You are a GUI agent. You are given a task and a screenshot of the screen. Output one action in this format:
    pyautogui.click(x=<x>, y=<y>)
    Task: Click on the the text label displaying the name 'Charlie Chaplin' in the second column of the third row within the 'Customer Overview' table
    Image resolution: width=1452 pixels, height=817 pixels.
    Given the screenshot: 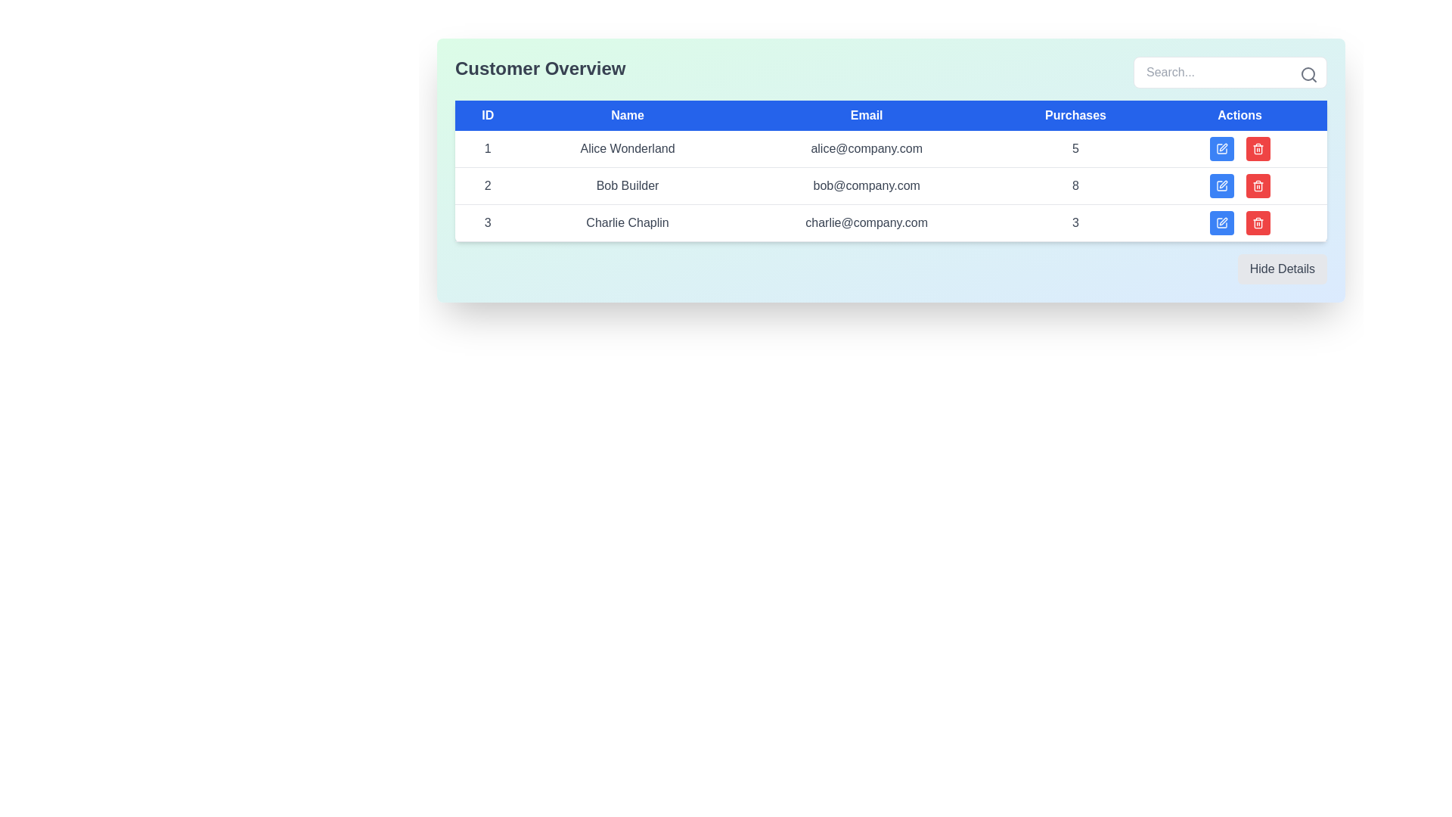 What is the action you would take?
    pyautogui.click(x=628, y=222)
    